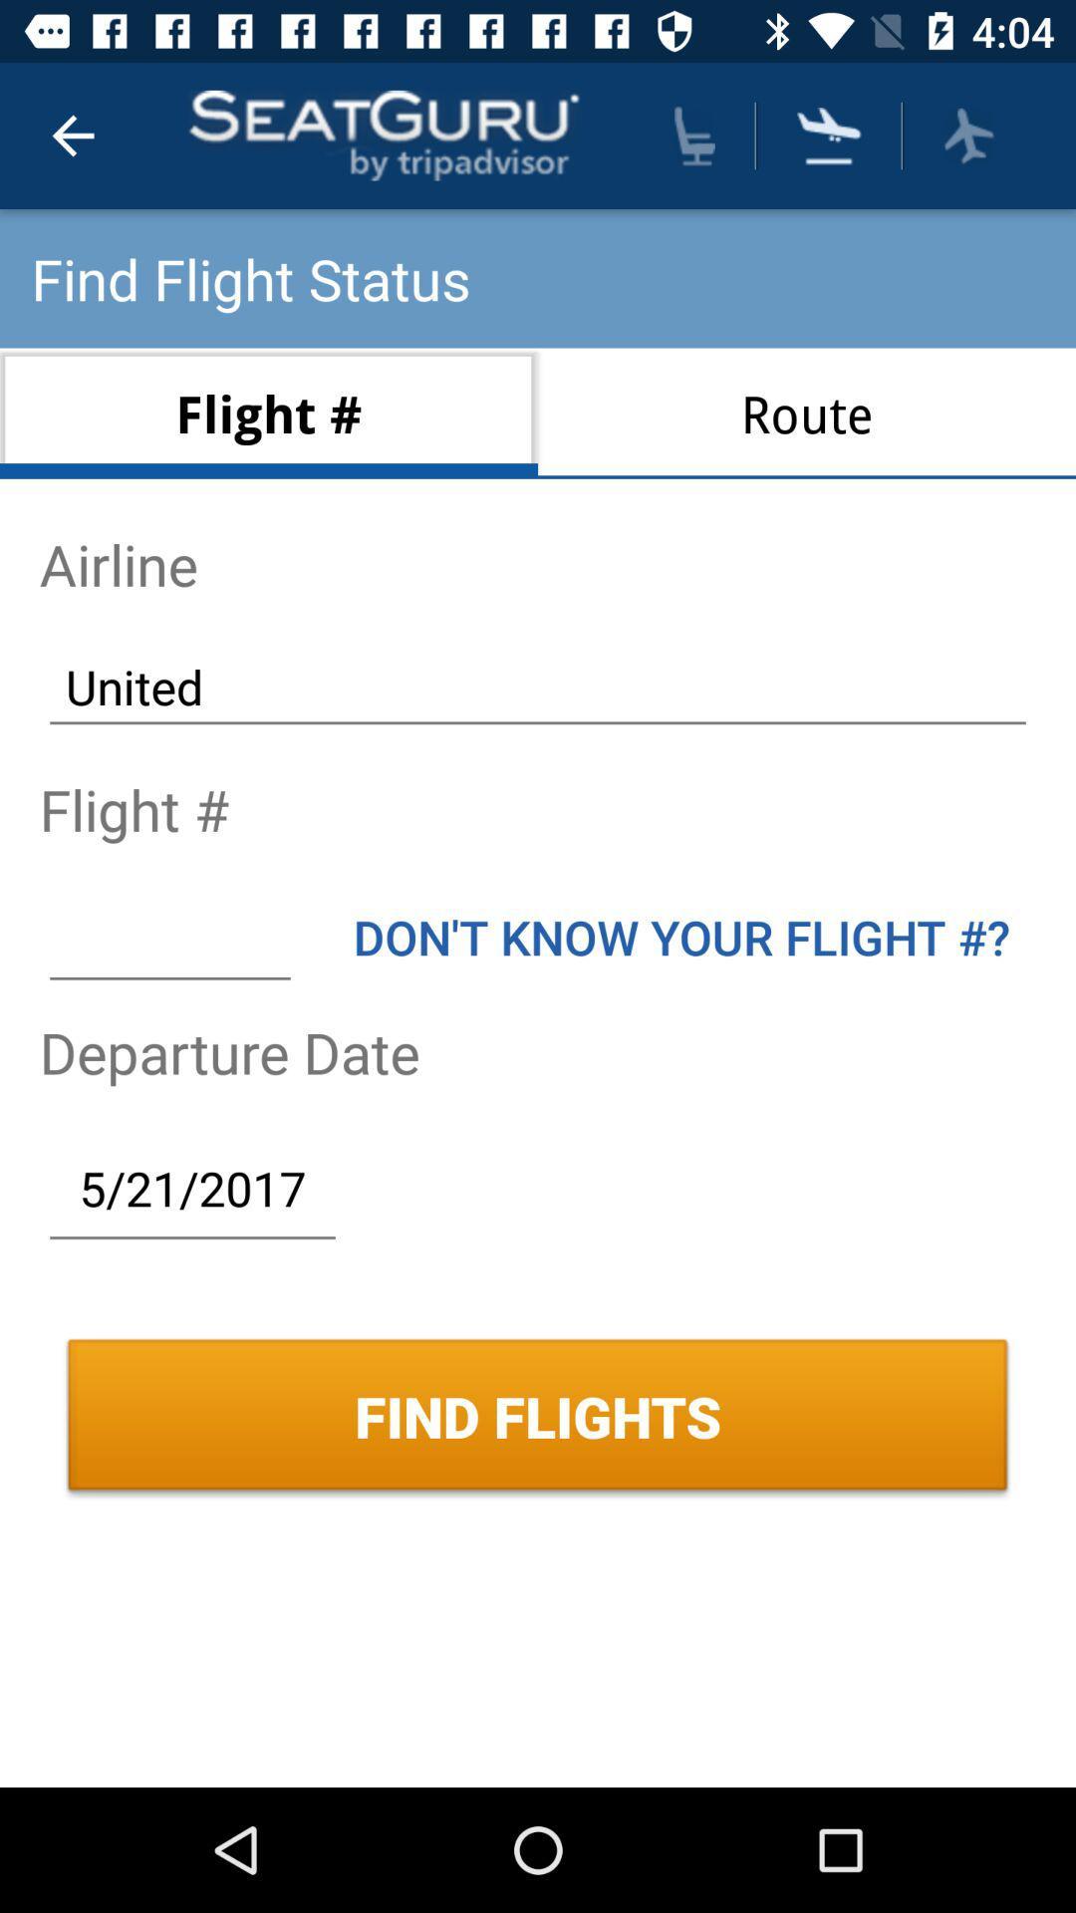 The image size is (1076, 1913). Describe the element at coordinates (538, 1415) in the screenshot. I see `the find flights item` at that location.